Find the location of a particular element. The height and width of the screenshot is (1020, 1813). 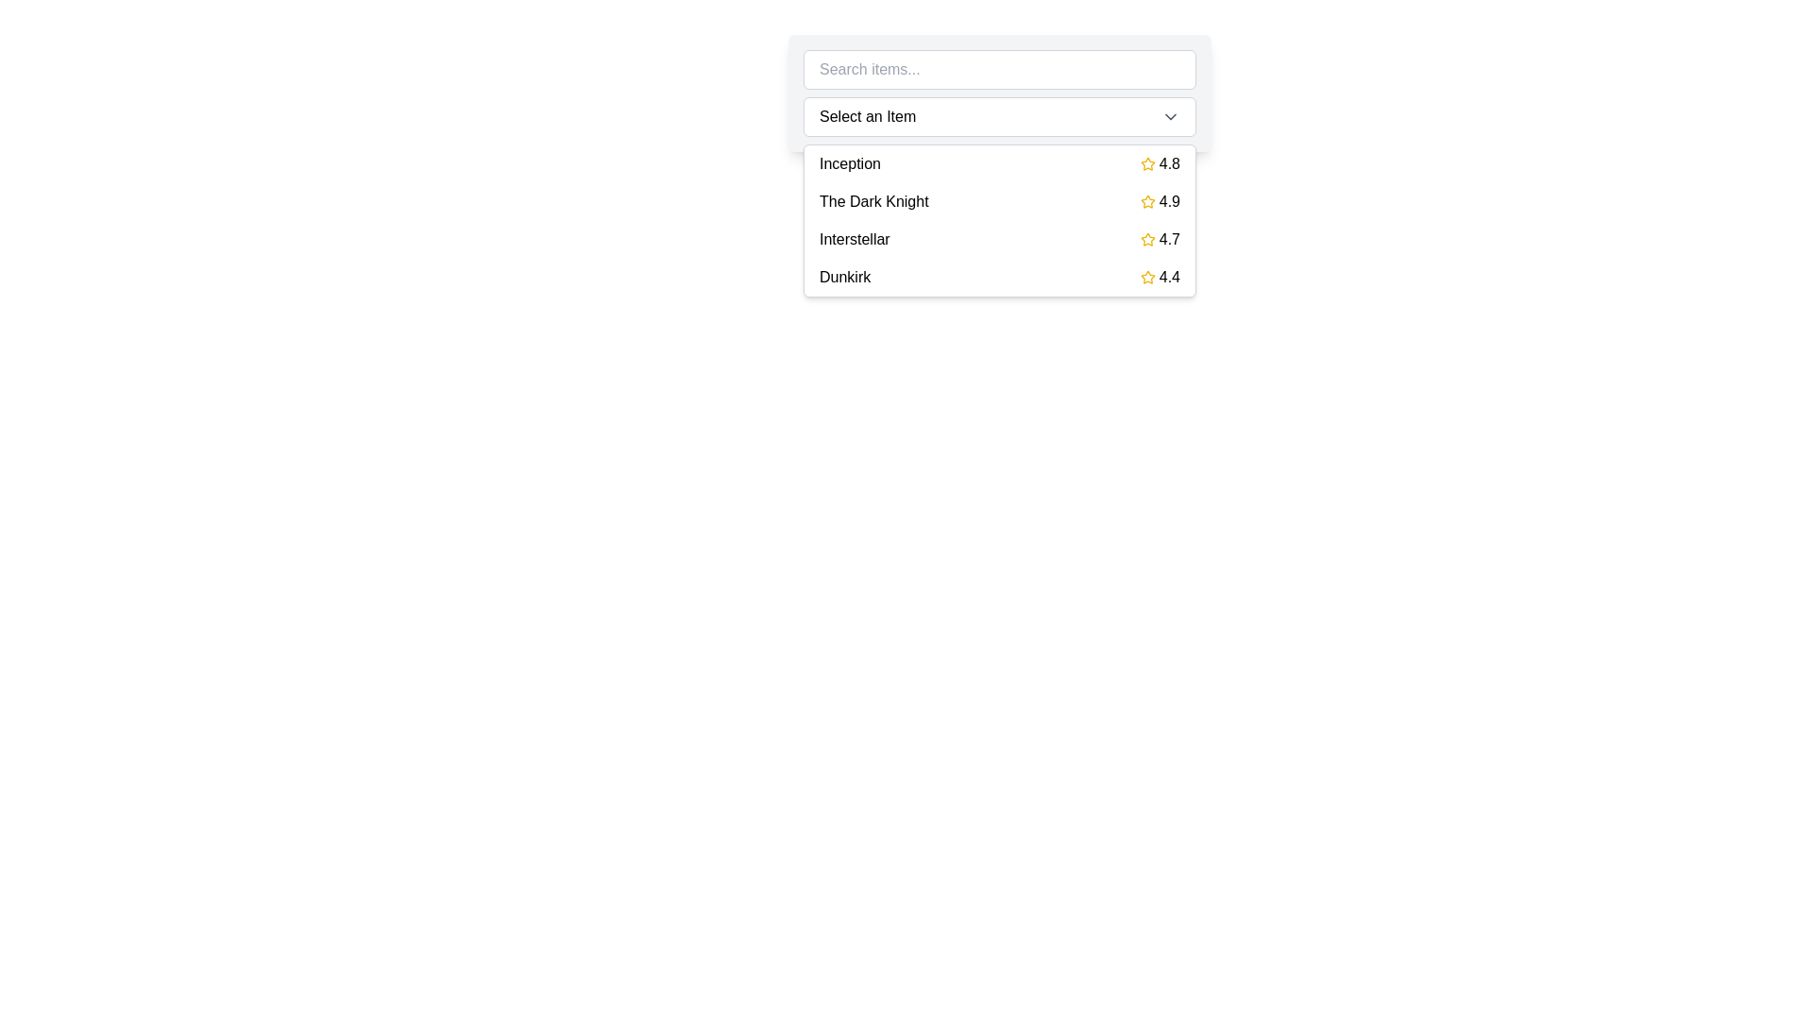

rating value displayed next to the movie title 'The Dark Knight', which is represented by a text label located within a list item, to the right of the title is located at coordinates (1159, 201).